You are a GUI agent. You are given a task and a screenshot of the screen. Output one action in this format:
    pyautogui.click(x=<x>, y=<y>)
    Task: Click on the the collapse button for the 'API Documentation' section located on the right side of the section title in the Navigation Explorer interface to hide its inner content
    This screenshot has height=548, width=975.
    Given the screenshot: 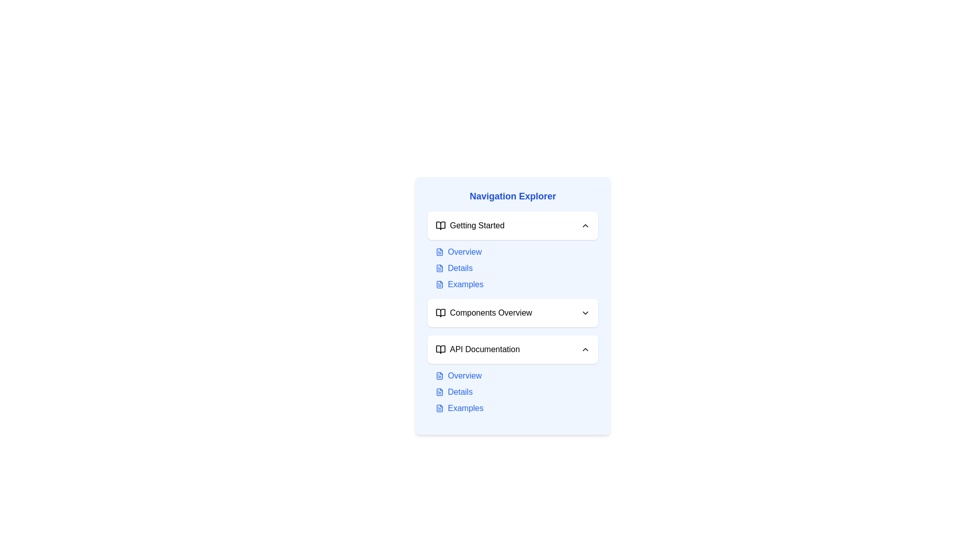 What is the action you would take?
    pyautogui.click(x=585, y=349)
    